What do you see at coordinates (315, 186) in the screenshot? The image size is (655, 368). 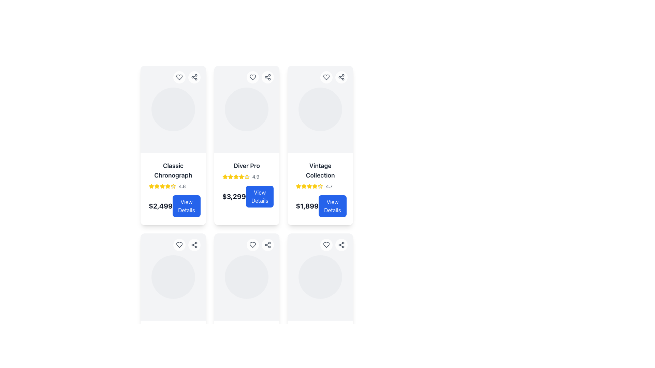 I see `the fourth star icon indicating a user rating of 4.7 out of 5 for the product within the 'Vintage Collection' card` at bounding box center [315, 186].